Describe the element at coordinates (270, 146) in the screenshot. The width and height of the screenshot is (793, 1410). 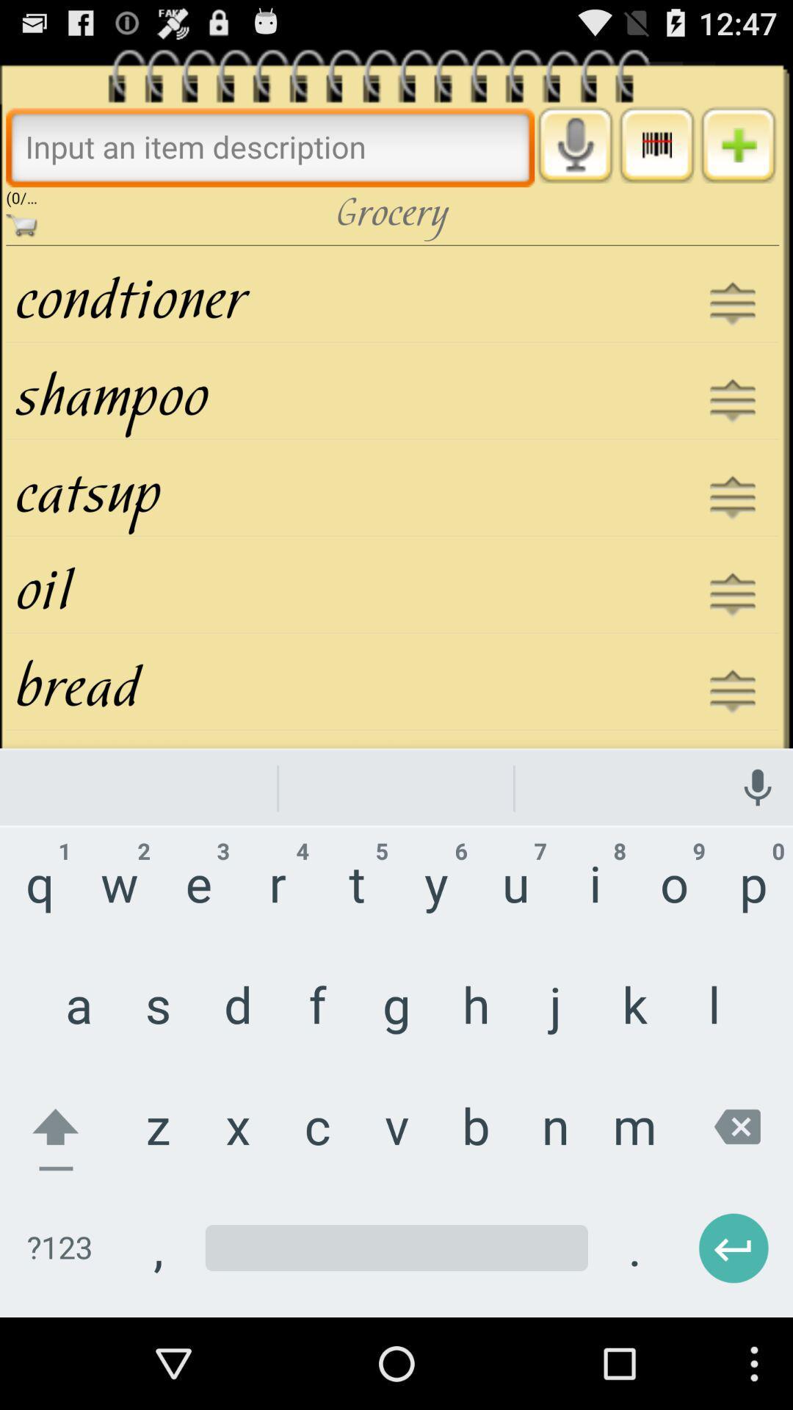
I see `seach button` at that location.